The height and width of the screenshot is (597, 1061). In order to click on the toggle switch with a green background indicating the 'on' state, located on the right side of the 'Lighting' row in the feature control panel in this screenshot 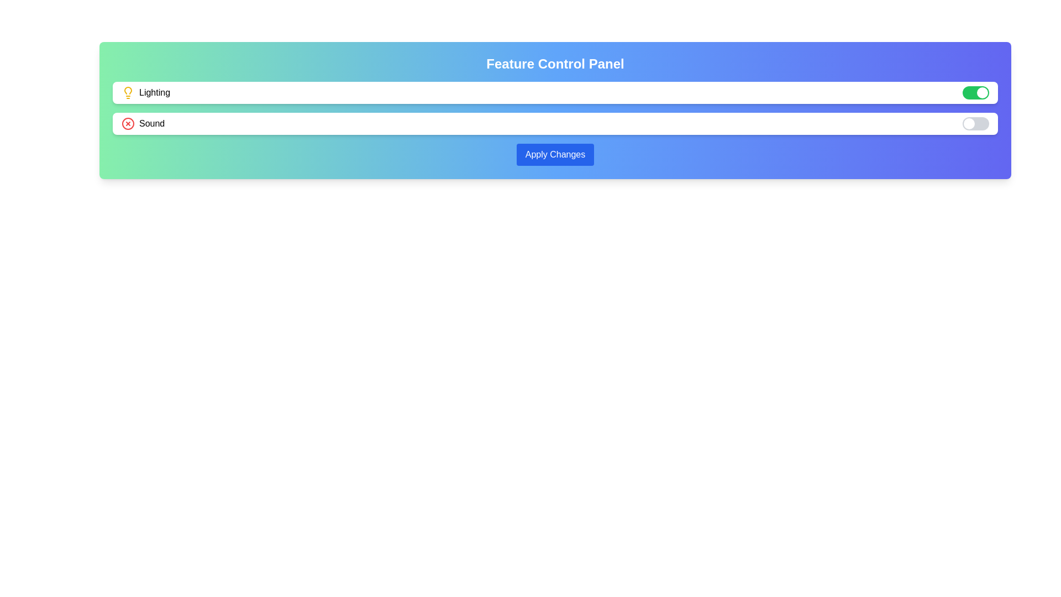, I will do `click(976, 92)`.